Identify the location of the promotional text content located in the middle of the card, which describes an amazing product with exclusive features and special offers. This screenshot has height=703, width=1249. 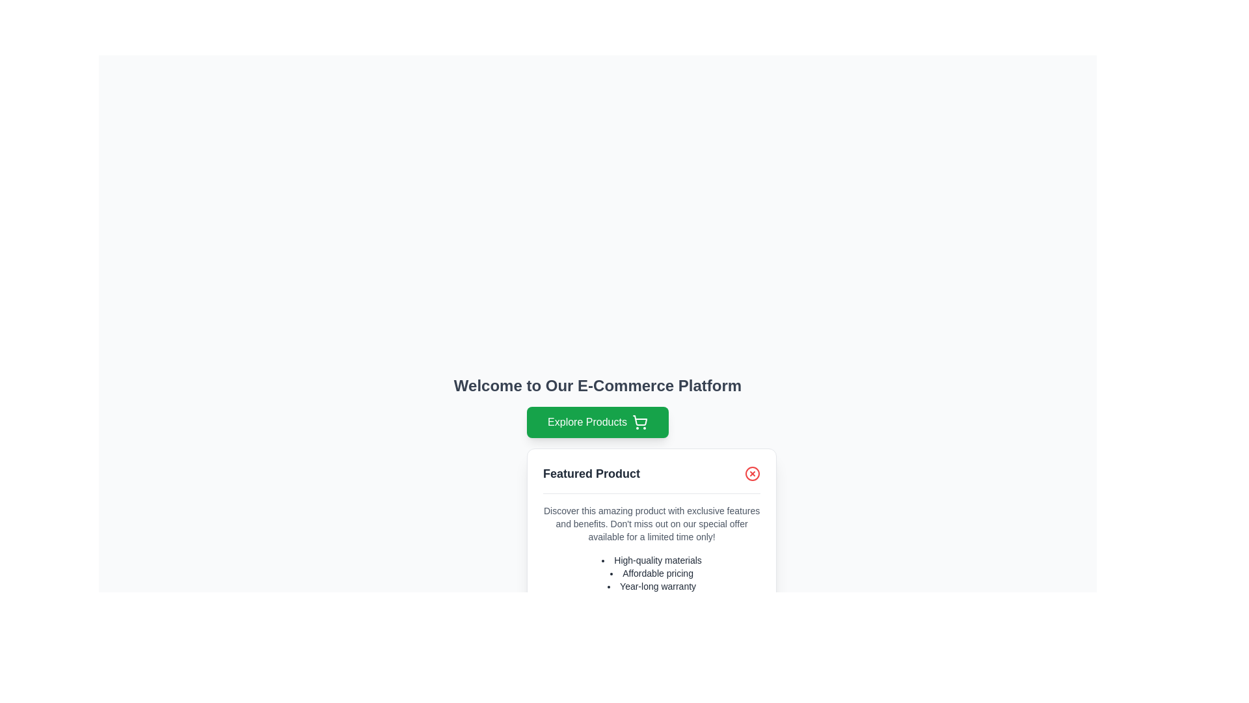
(652, 523).